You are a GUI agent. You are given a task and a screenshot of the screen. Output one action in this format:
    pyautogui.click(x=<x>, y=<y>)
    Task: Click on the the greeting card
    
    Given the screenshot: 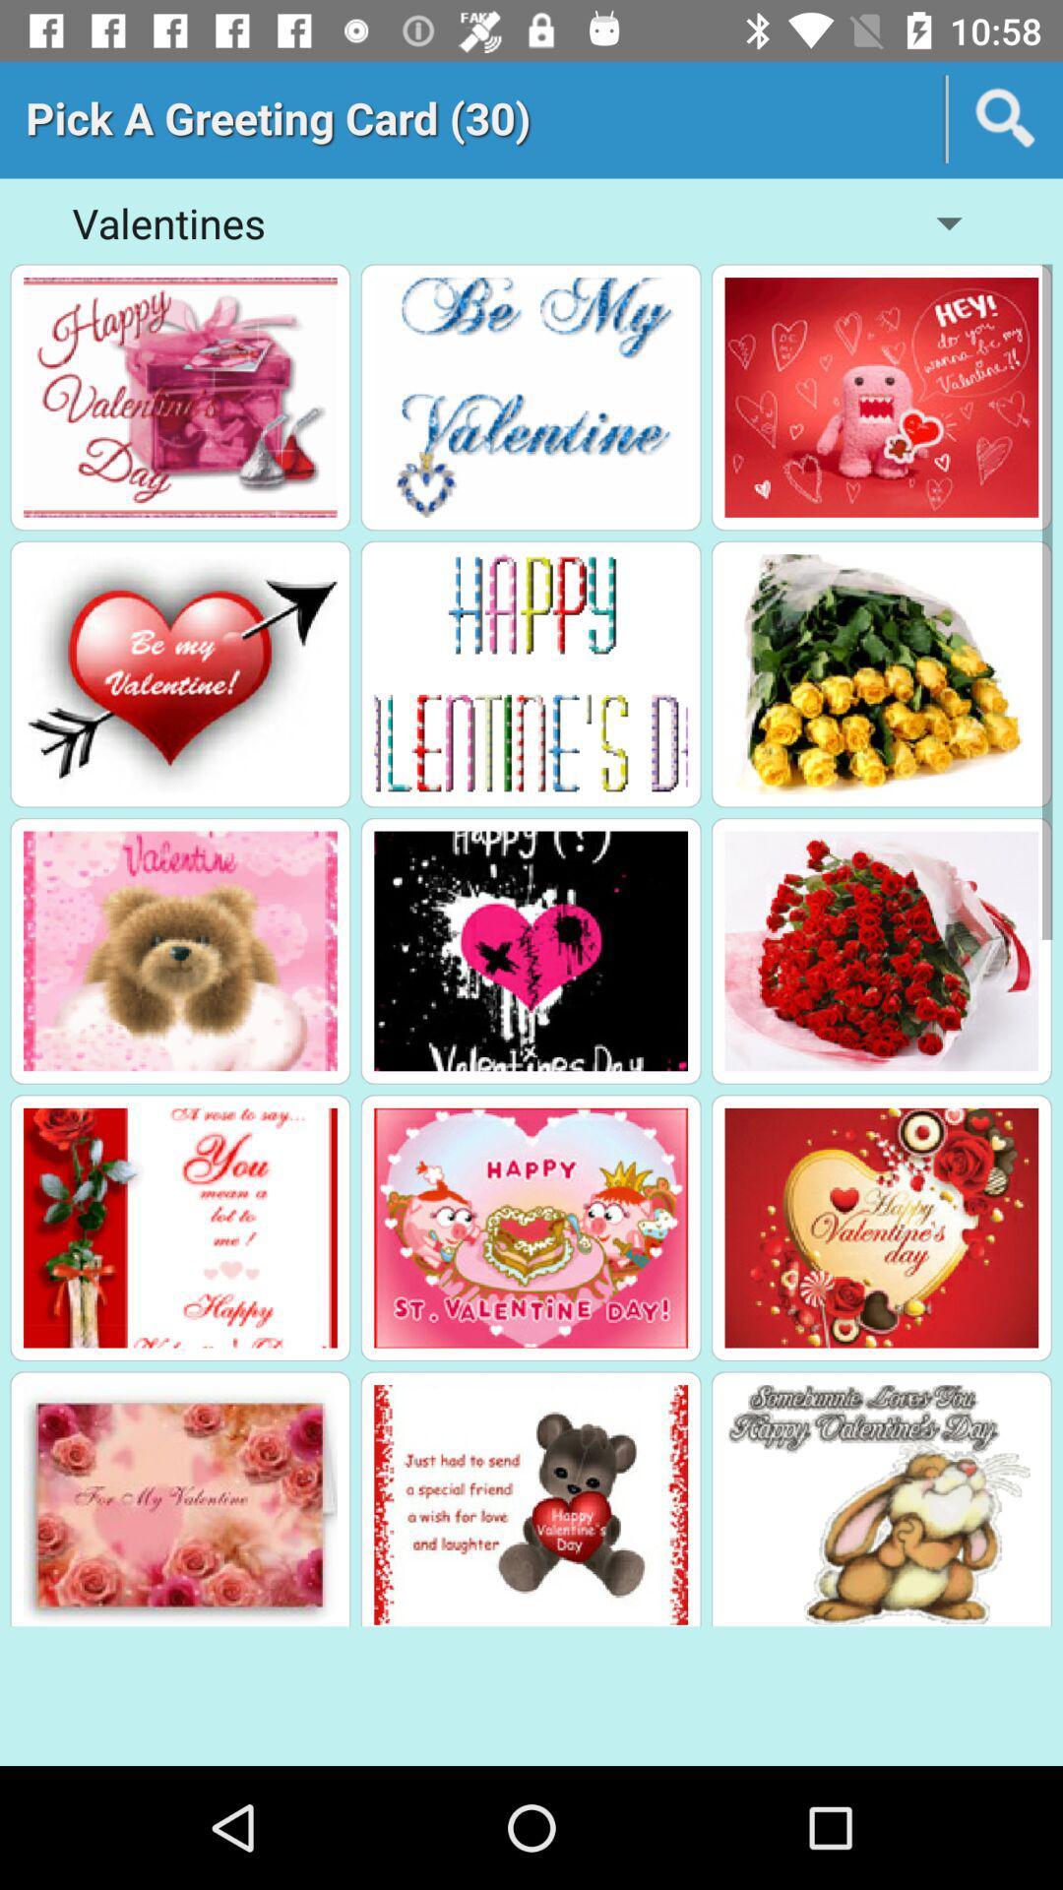 What is the action you would take?
    pyautogui.click(x=180, y=951)
    